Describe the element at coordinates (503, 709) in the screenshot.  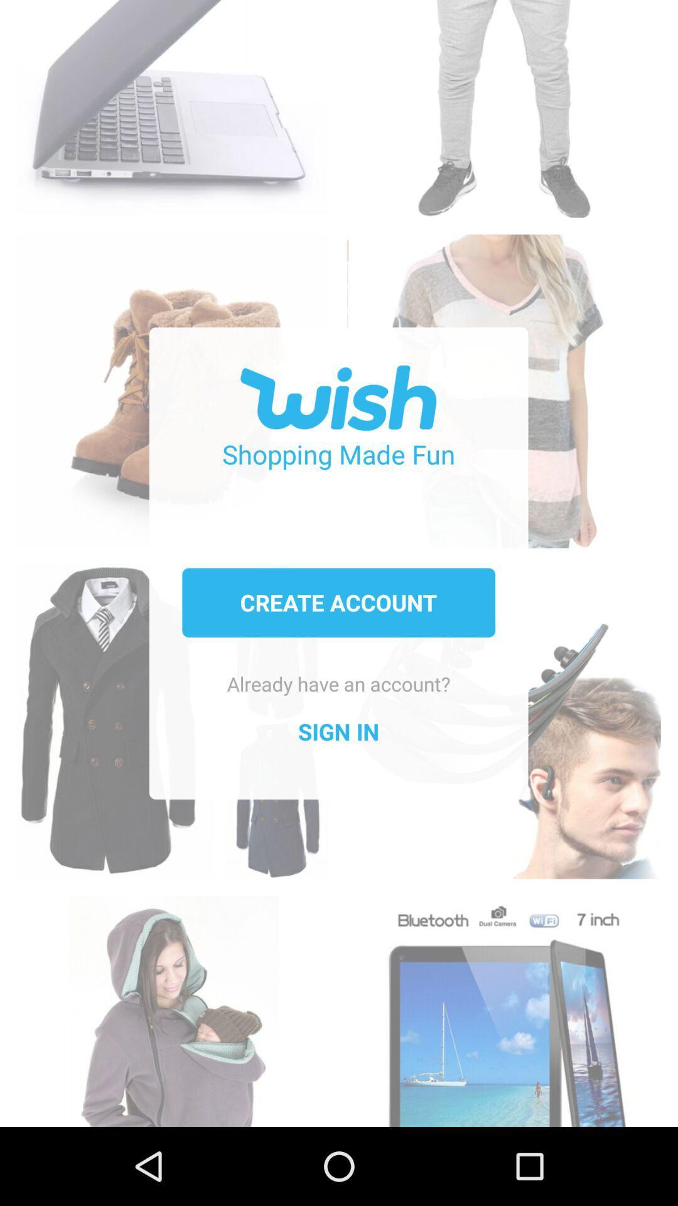
I see `item on the right` at that location.